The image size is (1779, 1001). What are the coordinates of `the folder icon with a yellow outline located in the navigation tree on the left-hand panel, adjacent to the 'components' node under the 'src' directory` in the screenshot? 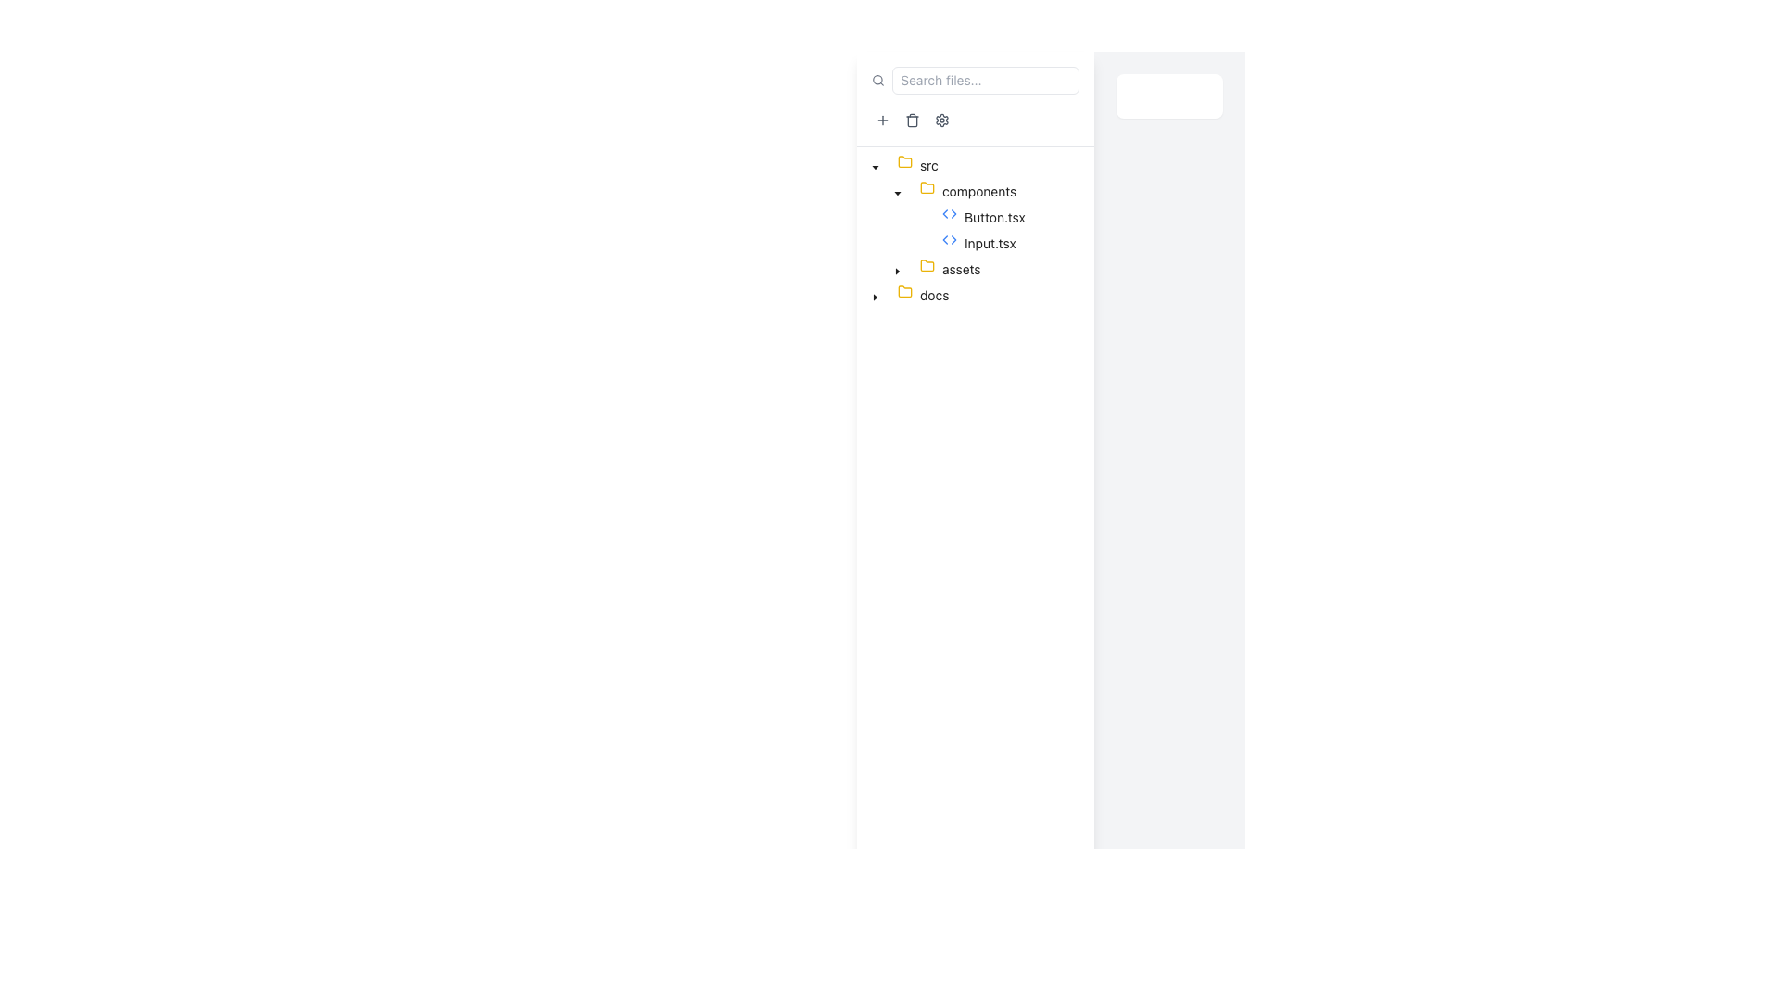 It's located at (927, 188).